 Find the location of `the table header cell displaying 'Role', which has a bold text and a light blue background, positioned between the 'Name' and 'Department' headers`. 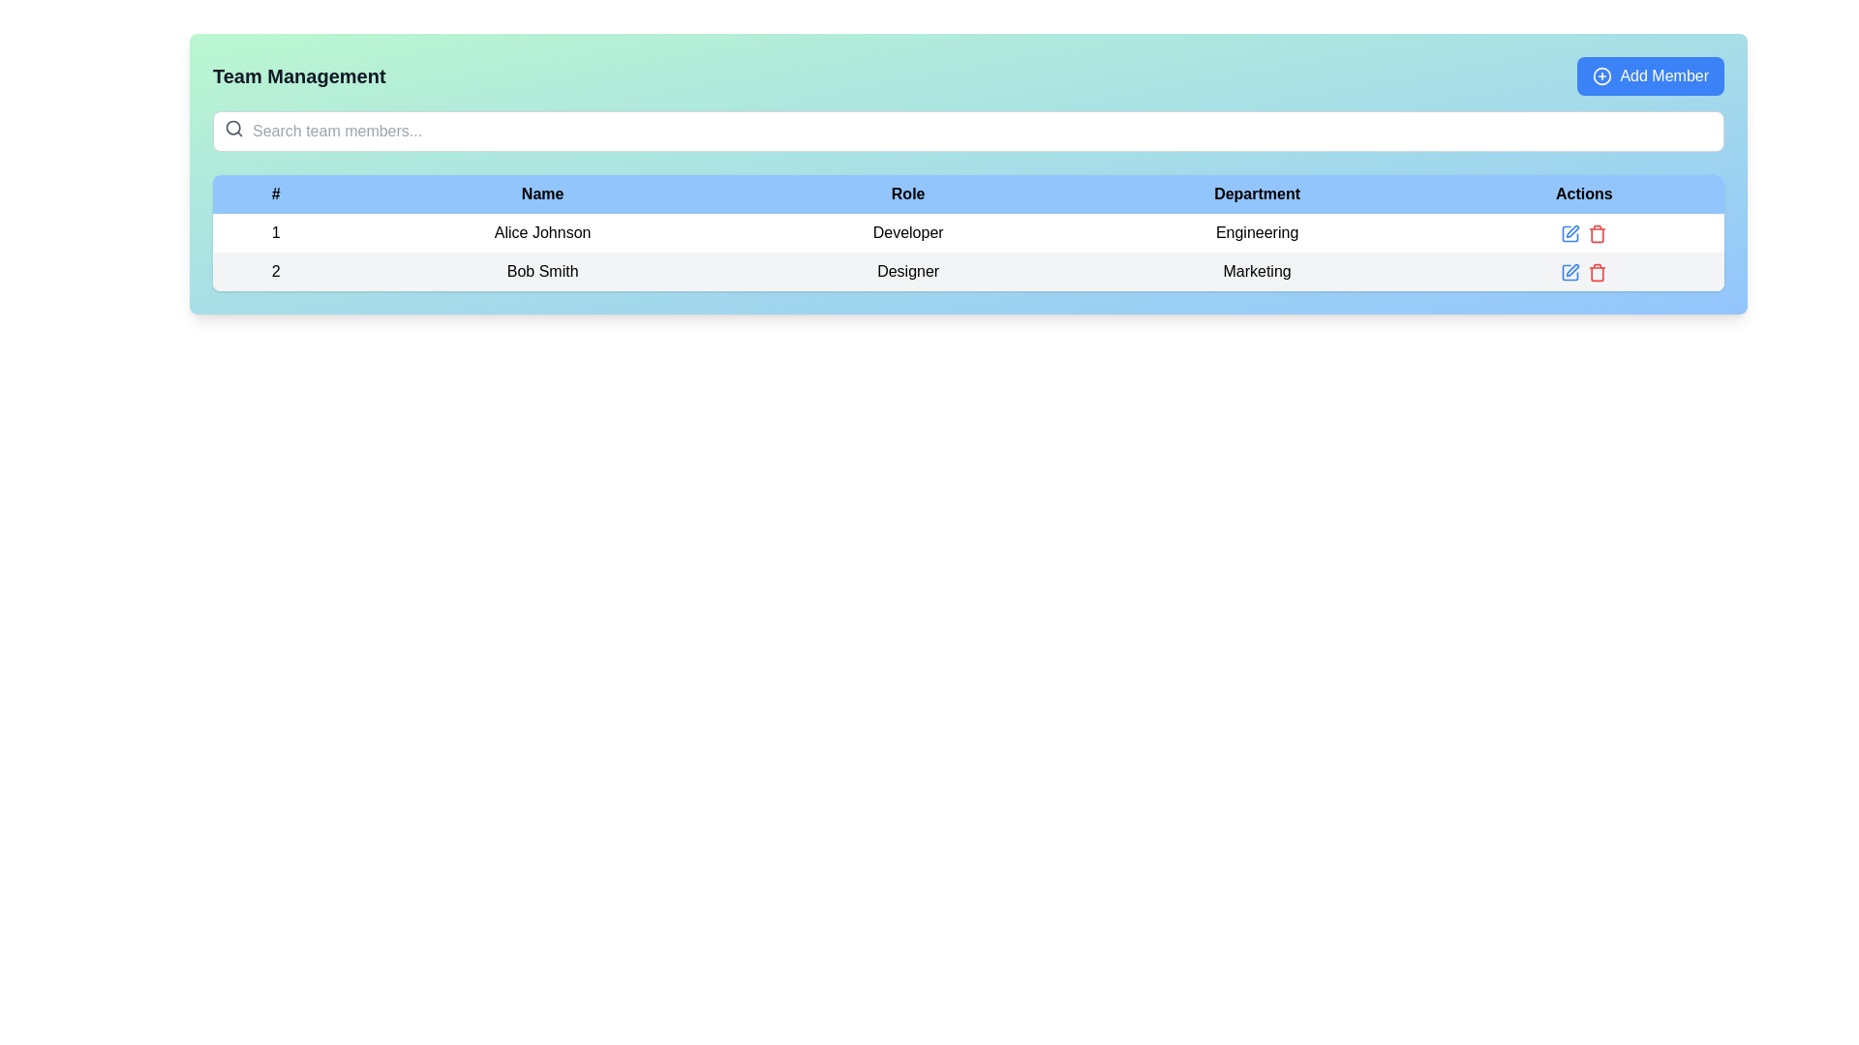

the table header cell displaying 'Role', which has a bold text and a light blue background, positioned between the 'Name' and 'Department' headers is located at coordinates (907, 194).